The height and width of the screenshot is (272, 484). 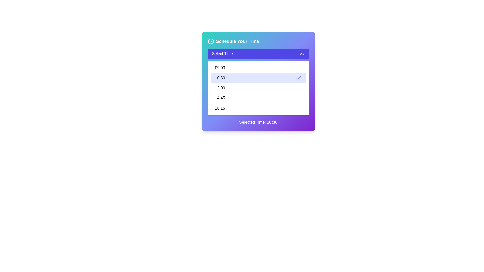 I want to click on the selectable list item displaying '14:45' in the dropdown menu, so click(x=258, y=98).